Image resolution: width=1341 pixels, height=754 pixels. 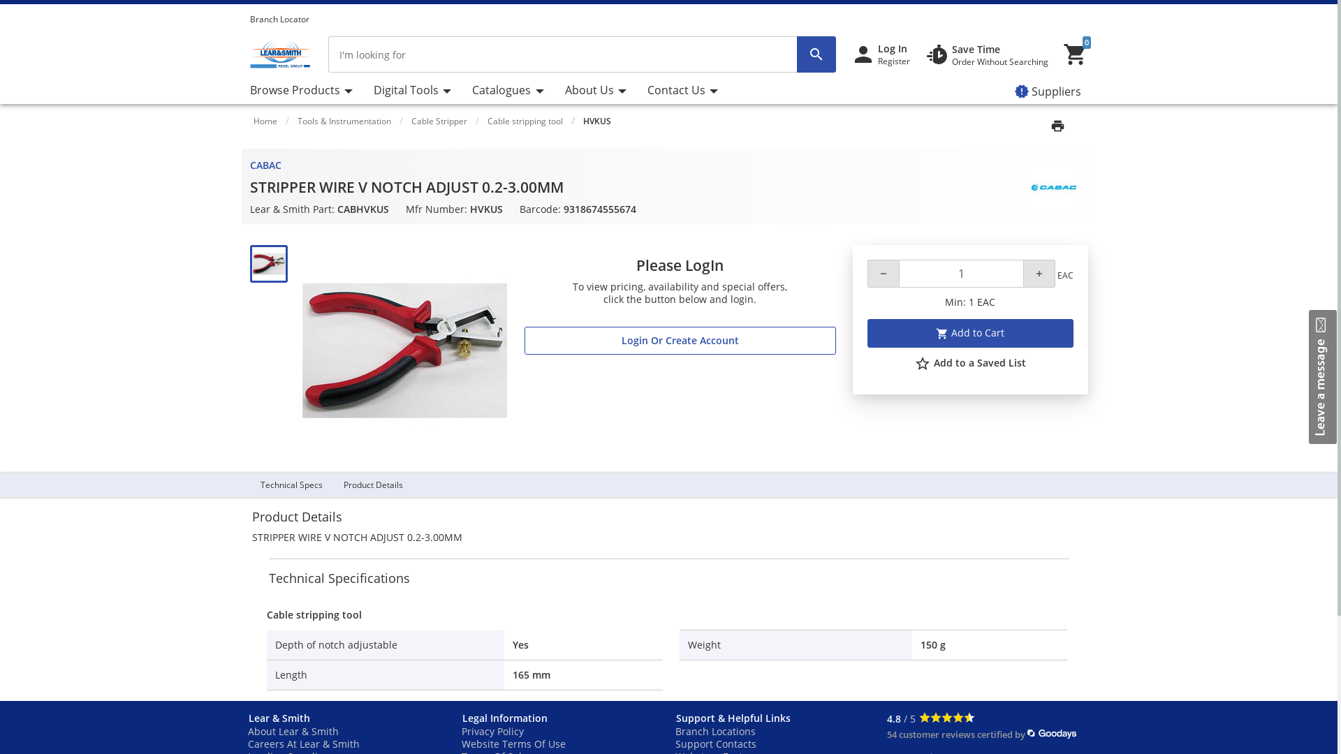 What do you see at coordinates (280, 53) in the screenshot?
I see `'Lear & Smith Home'` at bounding box center [280, 53].